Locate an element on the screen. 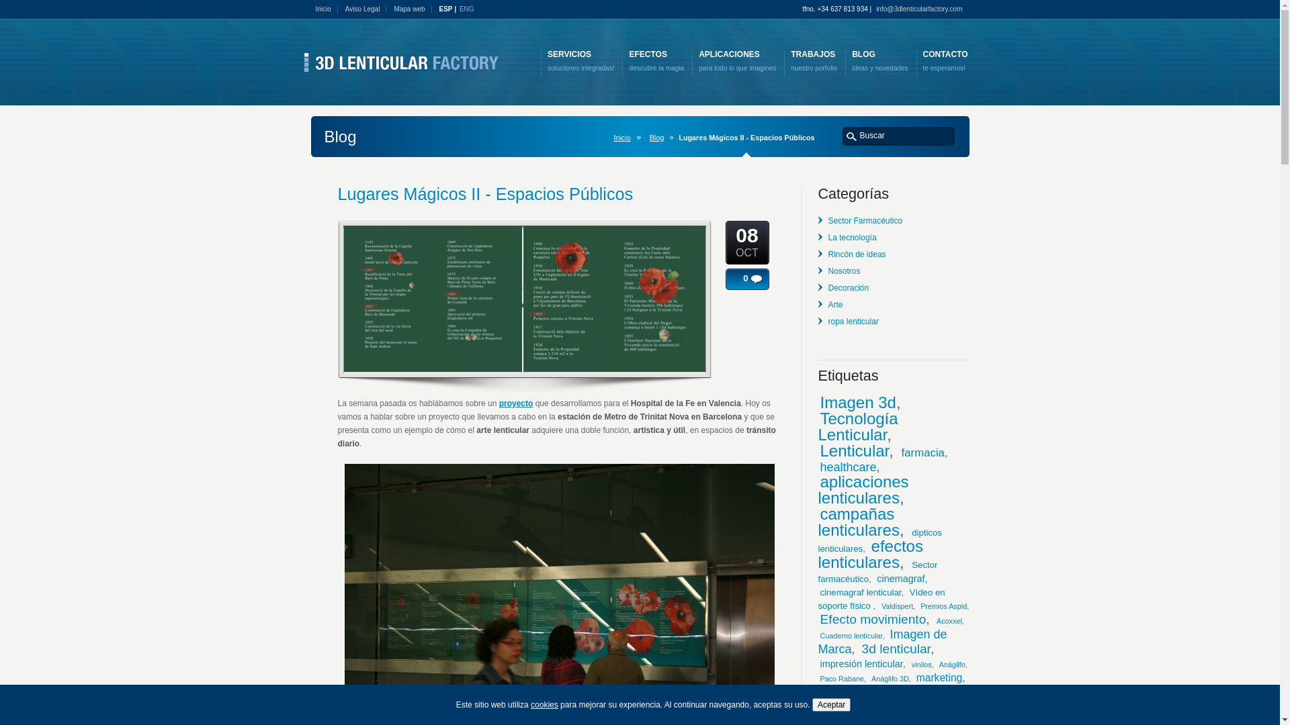 The image size is (1290, 725). 'efectos lenticulares' is located at coordinates (871, 554).